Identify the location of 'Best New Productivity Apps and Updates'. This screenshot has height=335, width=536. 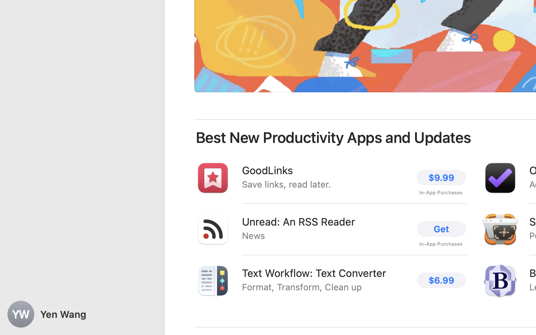
(333, 137).